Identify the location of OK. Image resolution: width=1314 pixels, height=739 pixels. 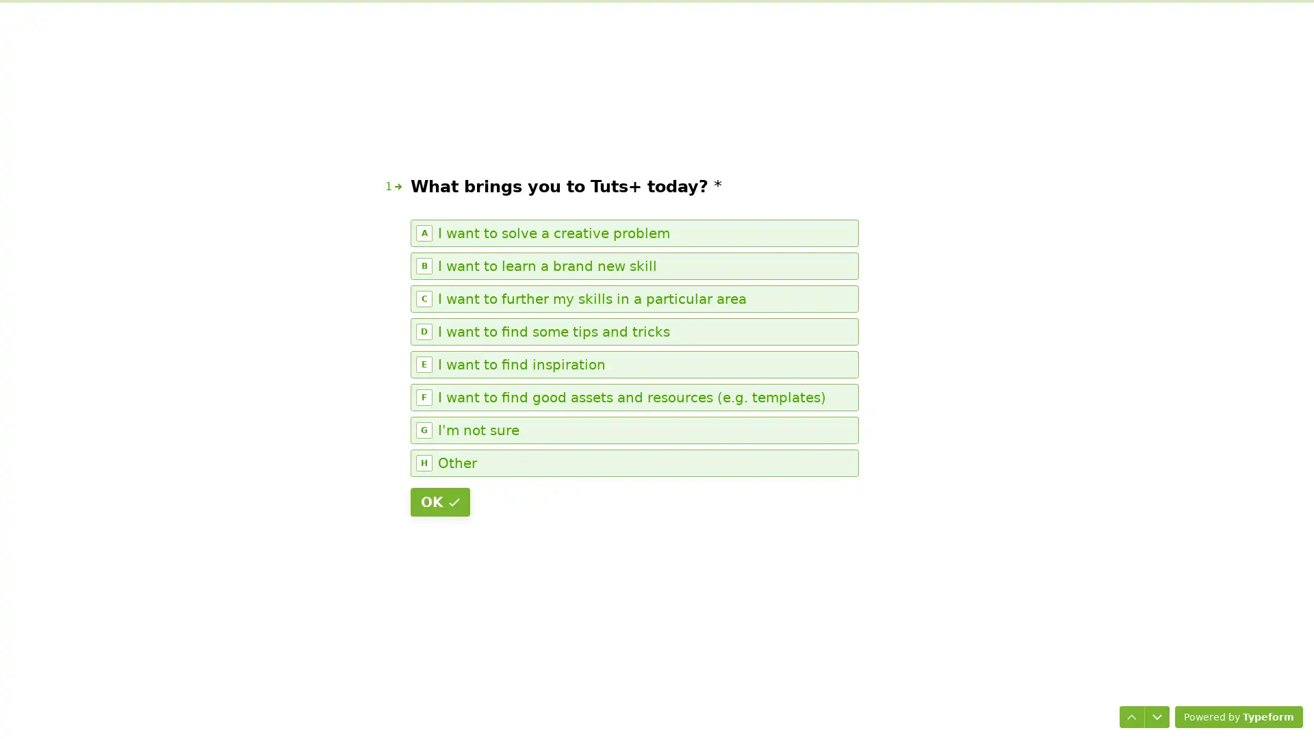
(440, 502).